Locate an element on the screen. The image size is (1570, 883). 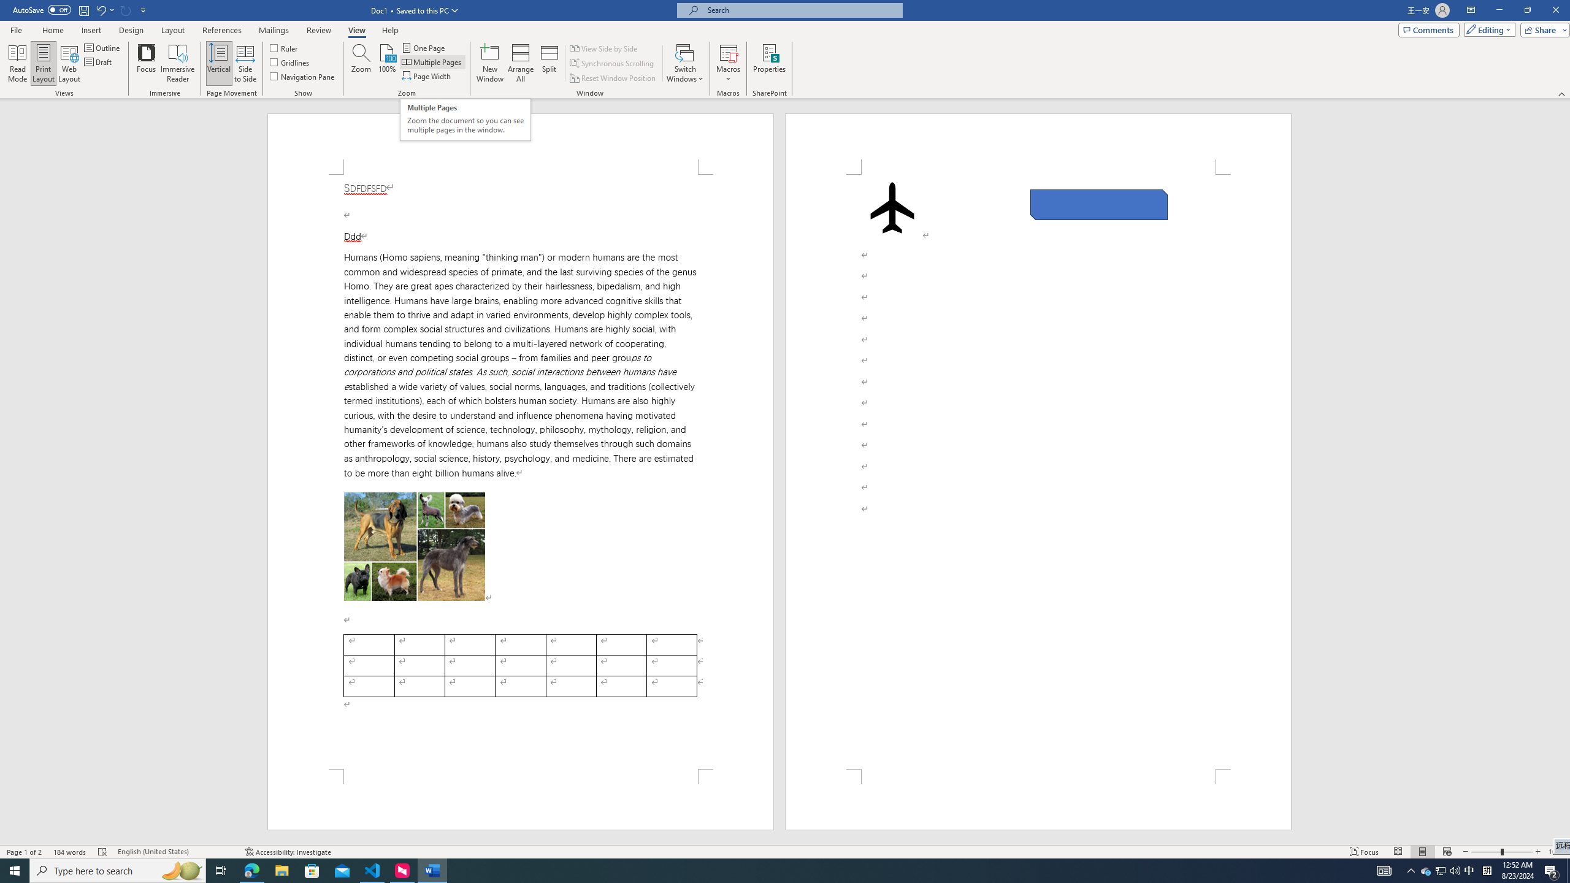
'Page 1 content' is located at coordinates (519, 472).